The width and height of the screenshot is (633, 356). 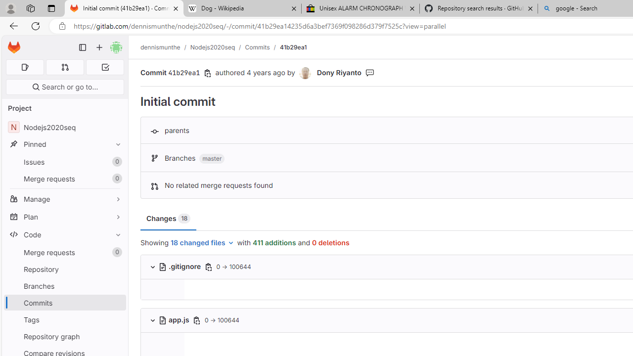 I want to click on 'Repository graph', so click(x=64, y=336).